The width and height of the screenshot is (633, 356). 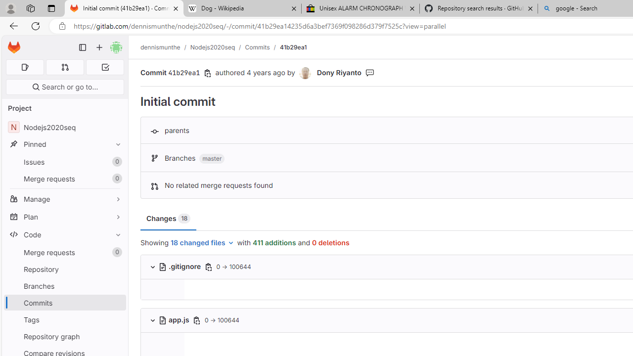 I want to click on 'Repository graph', so click(x=64, y=336).